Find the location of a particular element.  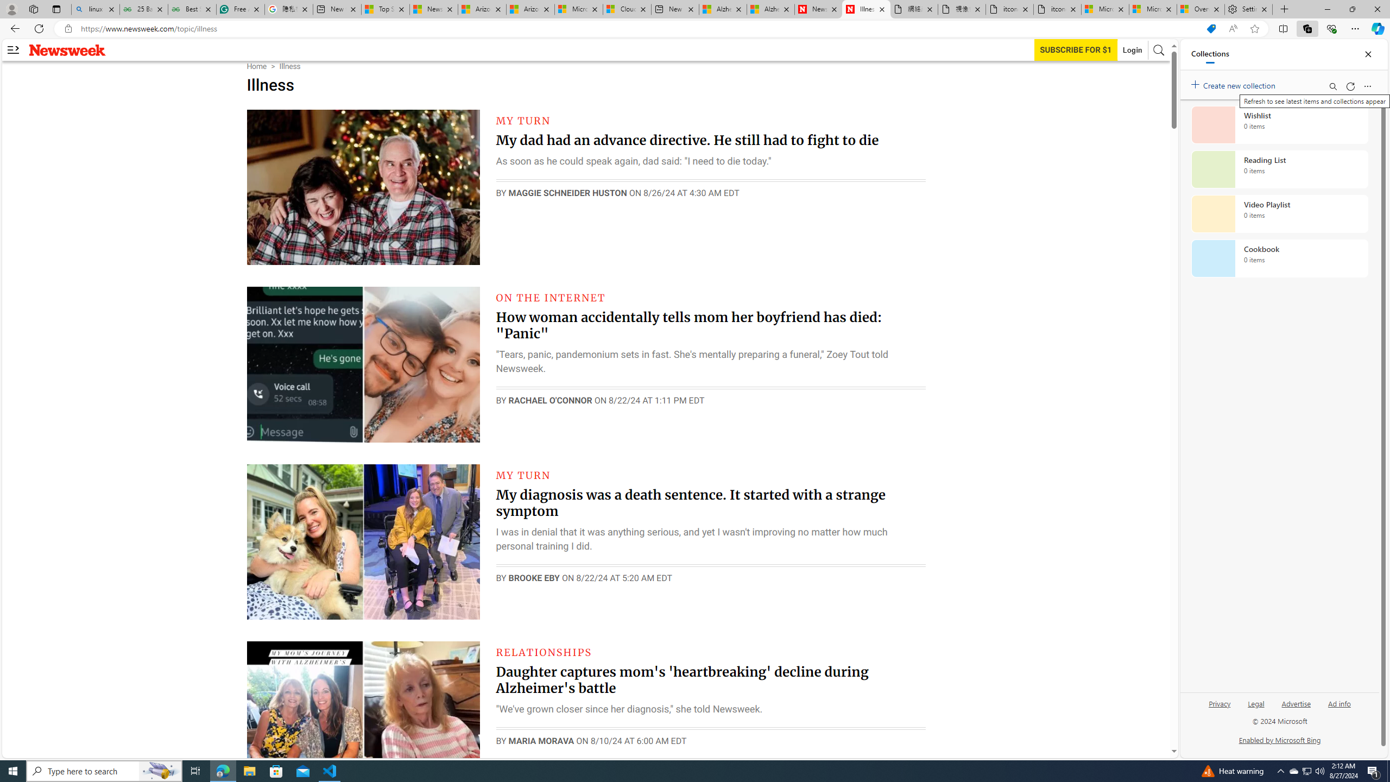

'RELATIONSHIPS' is located at coordinates (544, 651).